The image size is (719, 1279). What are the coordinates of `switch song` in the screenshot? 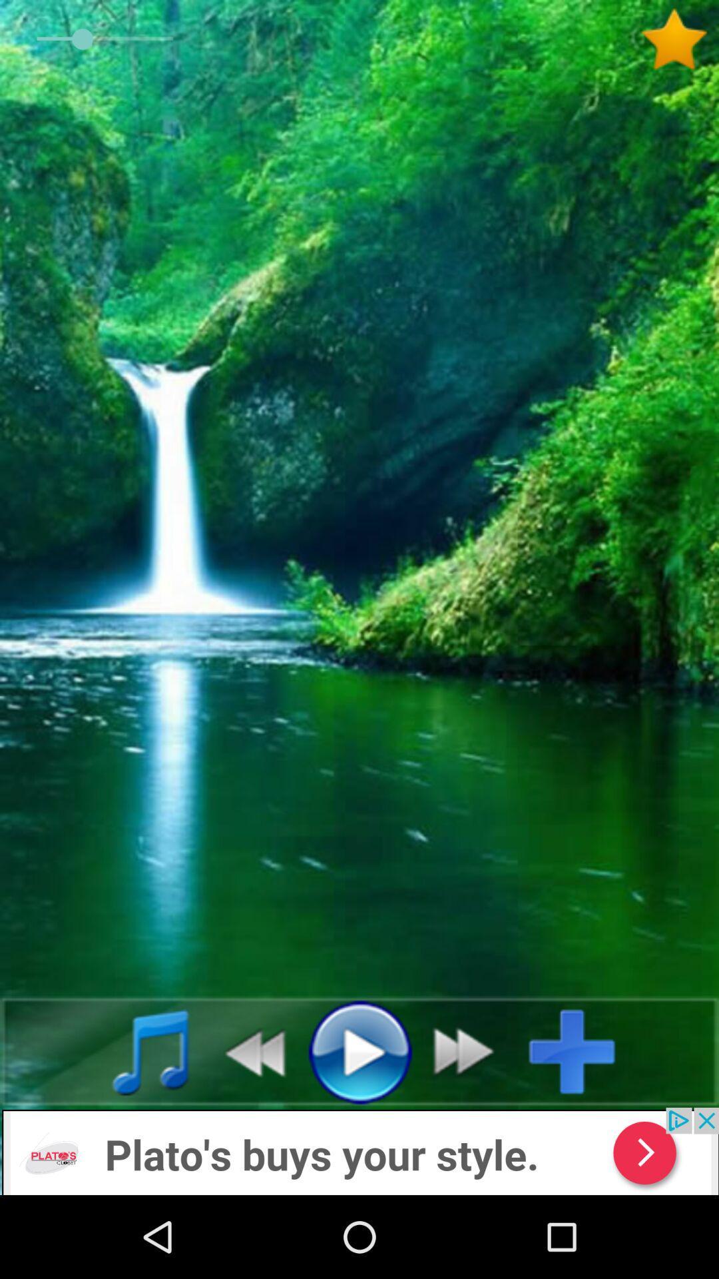 It's located at (471, 1051).